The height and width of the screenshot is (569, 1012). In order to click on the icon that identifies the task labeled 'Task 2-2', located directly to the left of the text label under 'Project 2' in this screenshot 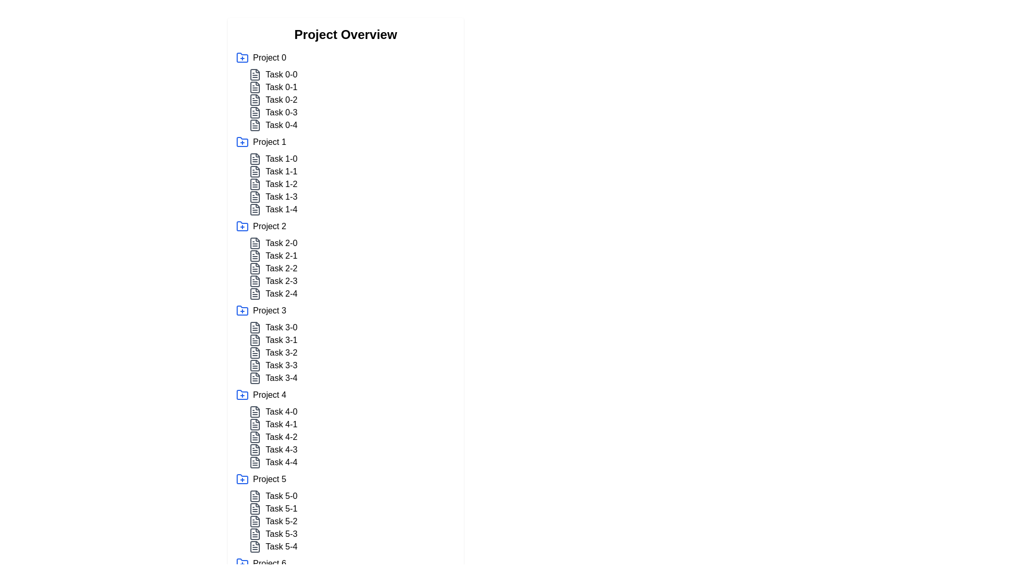, I will do `click(255, 268)`.